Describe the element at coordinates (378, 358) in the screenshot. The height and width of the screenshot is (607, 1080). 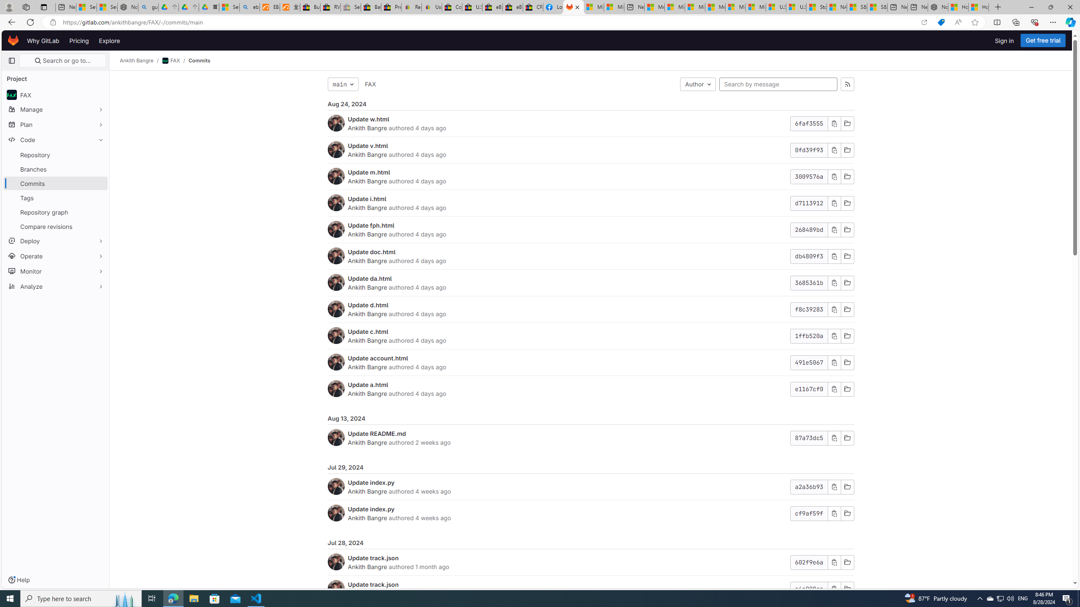
I see `'Update account.html'` at that location.